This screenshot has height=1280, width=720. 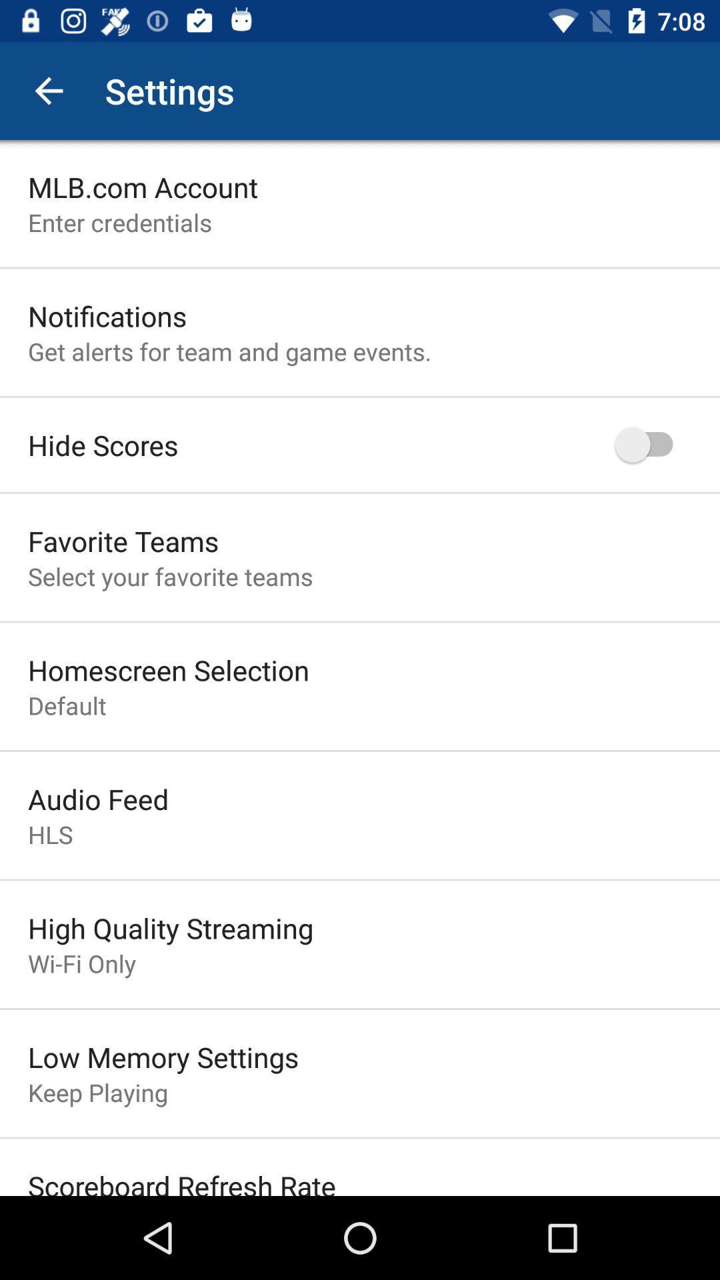 What do you see at coordinates (649, 445) in the screenshot?
I see `icon to the right of hide scores icon` at bounding box center [649, 445].